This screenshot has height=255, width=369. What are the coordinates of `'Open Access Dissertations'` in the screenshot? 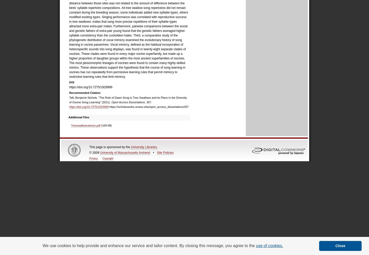 It's located at (128, 102).